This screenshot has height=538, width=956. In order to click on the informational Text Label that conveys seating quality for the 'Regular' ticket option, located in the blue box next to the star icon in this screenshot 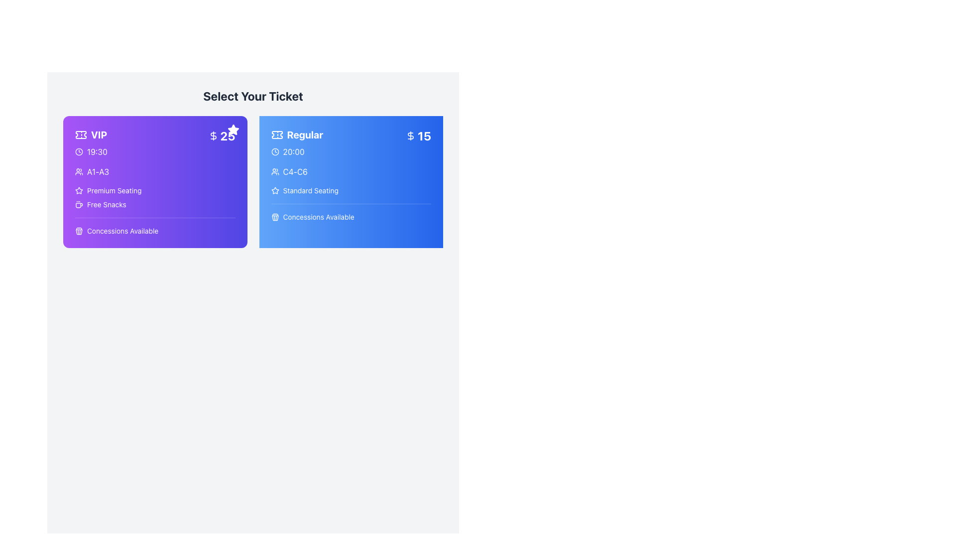, I will do `click(310, 190)`.